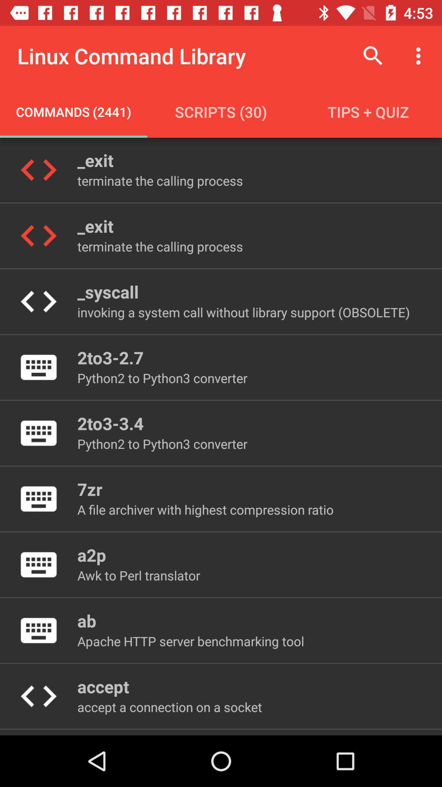 This screenshot has height=787, width=442. Describe the element at coordinates (169, 706) in the screenshot. I see `icon below the accept` at that location.